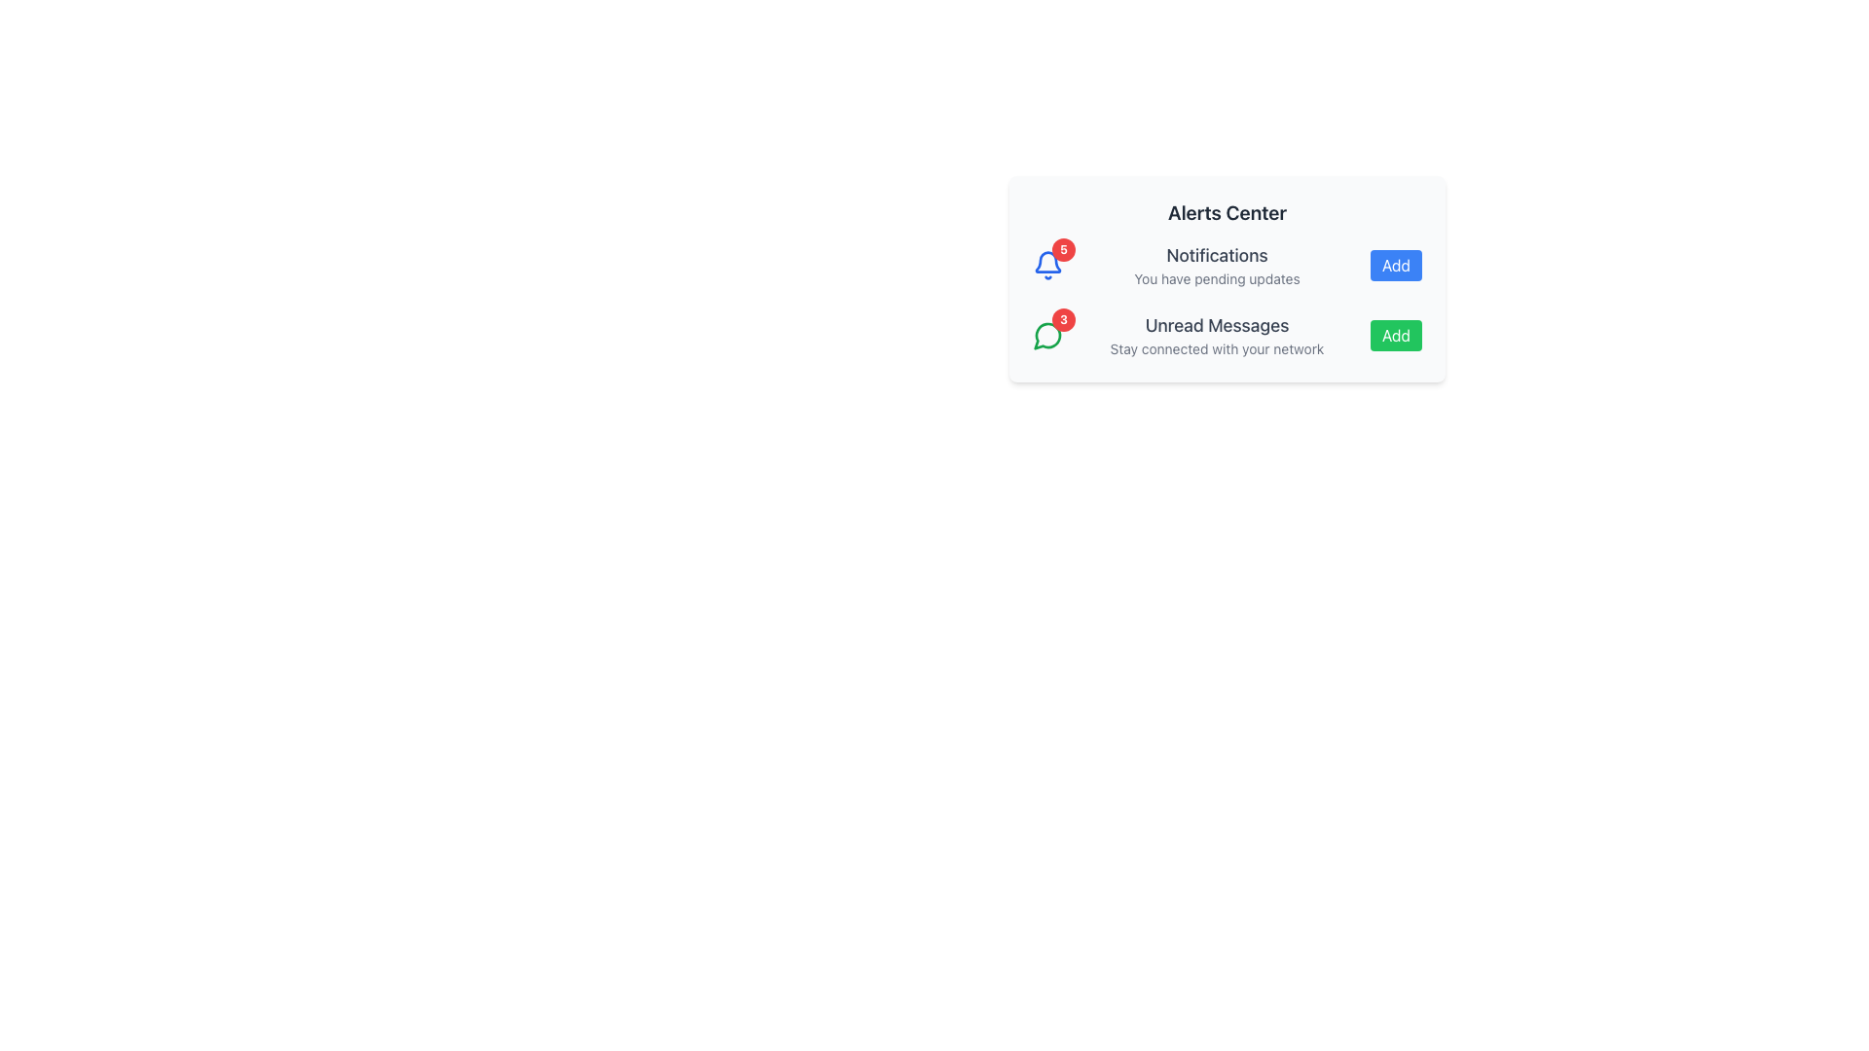 The width and height of the screenshot is (1869, 1051). I want to click on the 'Add' button located in the 'Notifications' section of the 'Alerts Center' to experience its hover effect, so click(1395, 266).